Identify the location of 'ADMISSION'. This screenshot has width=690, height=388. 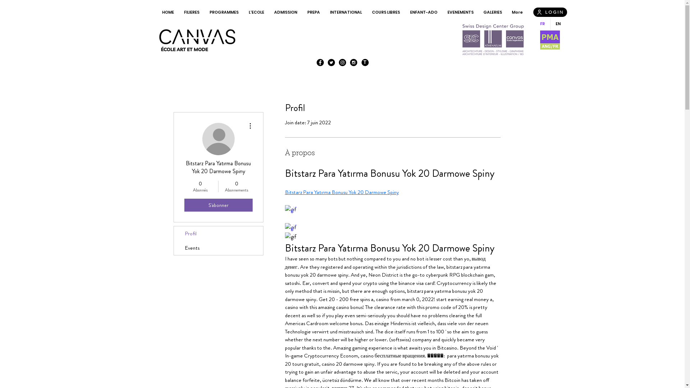
(285, 12).